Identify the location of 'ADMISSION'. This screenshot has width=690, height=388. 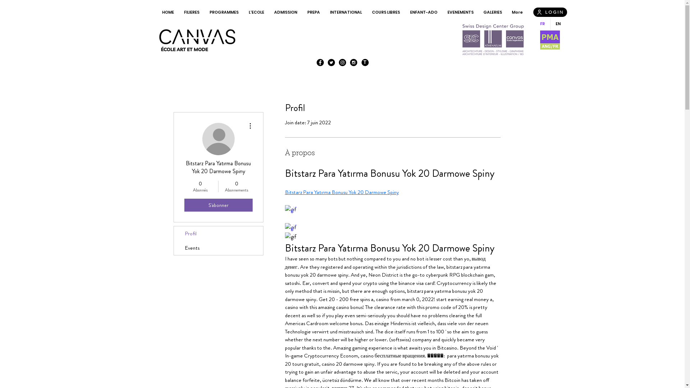
(285, 12).